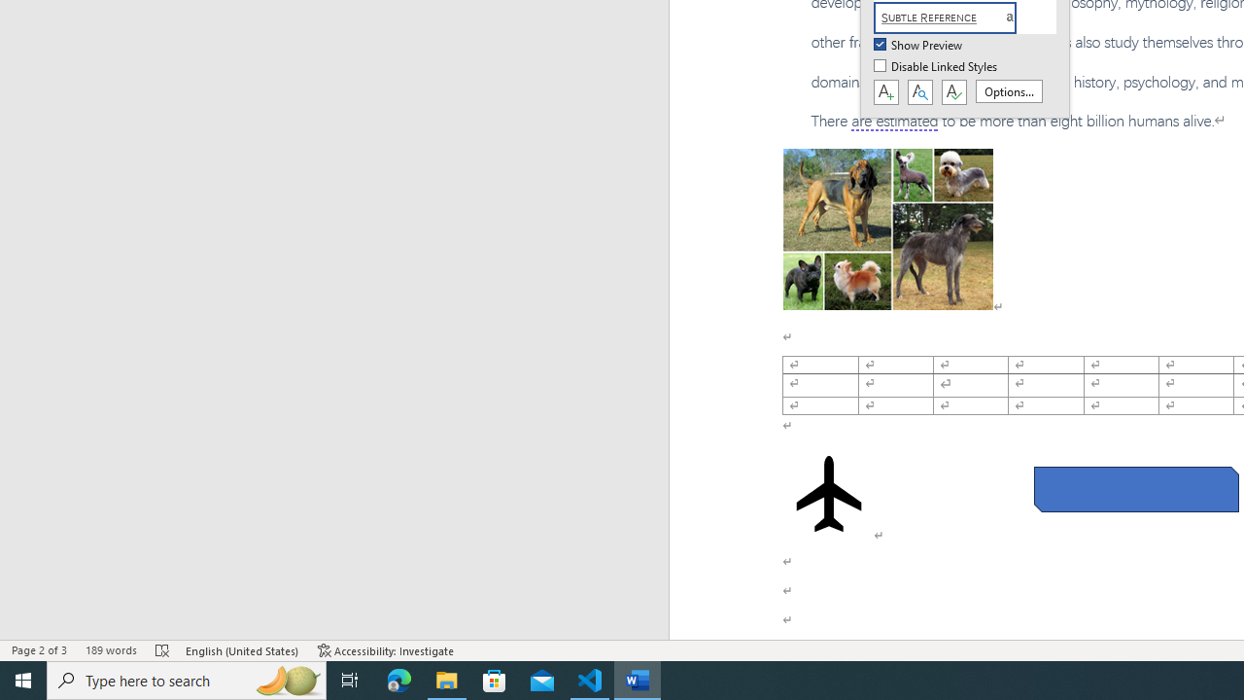 The width and height of the screenshot is (1244, 700). What do you see at coordinates (1009, 90) in the screenshot?
I see `'Options...'` at bounding box center [1009, 90].